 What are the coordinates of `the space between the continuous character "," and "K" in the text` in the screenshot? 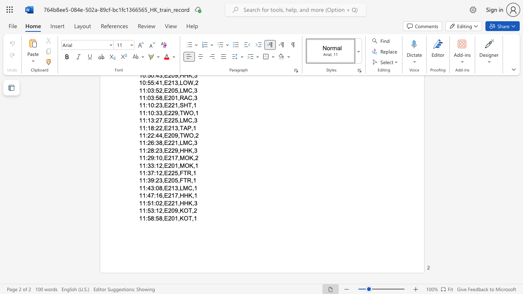 It's located at (180, 218).